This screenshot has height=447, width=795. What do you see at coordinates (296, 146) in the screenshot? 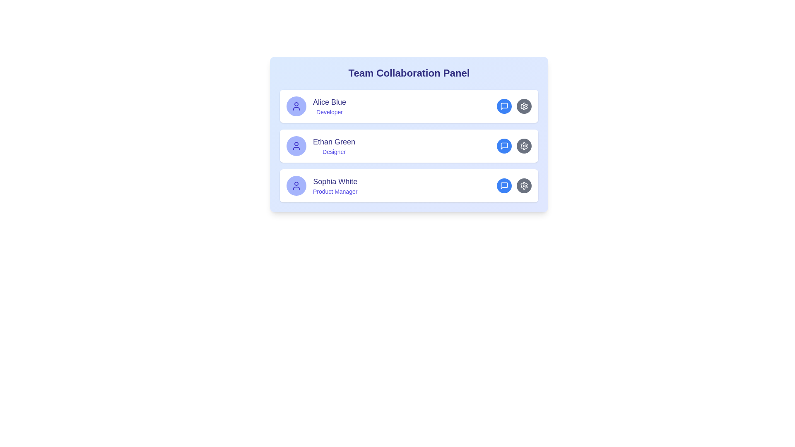
I see `the Circular user profile icon for 'Ethan Green - Designer', which is a button with a light indigo background and a user silhouette icon` at bounding box center [296, 146].